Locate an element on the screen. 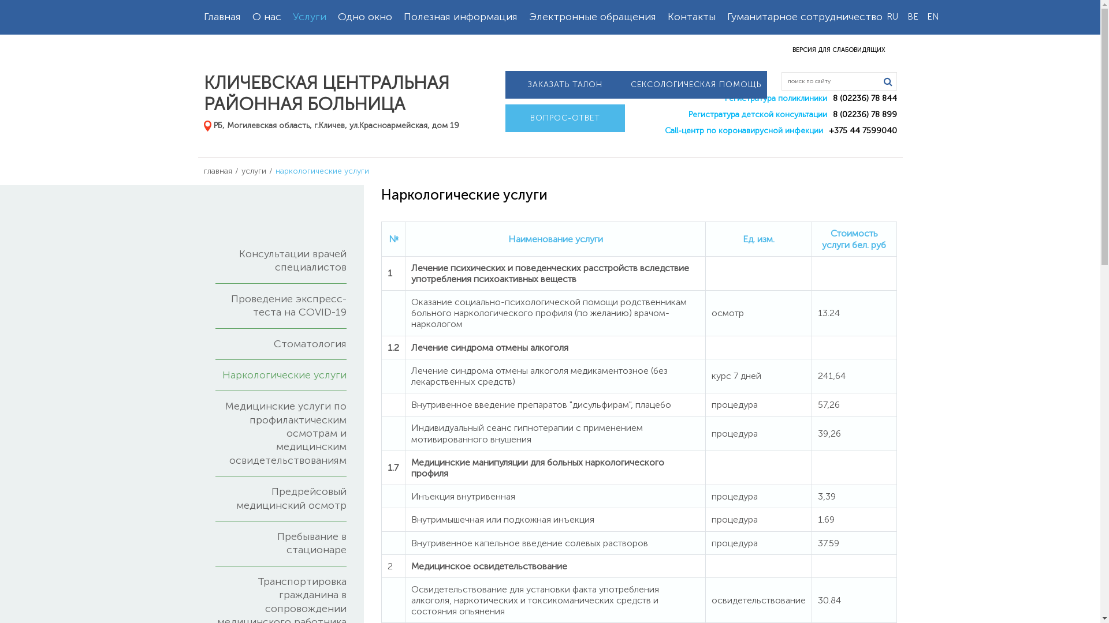 This screenshot has width=1109, height=623. 'RU' is located at coordinates (892, 17).